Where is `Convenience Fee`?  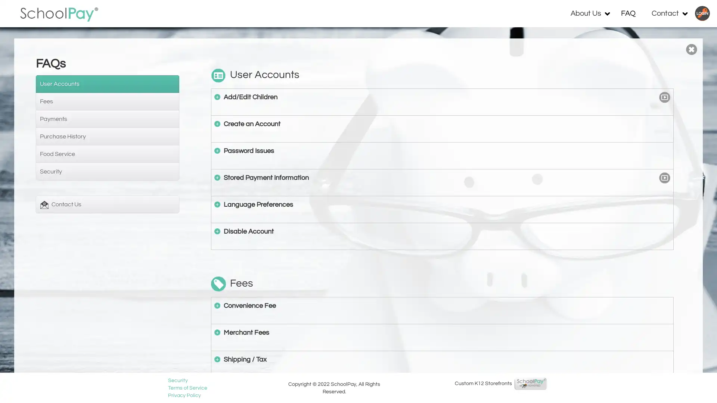 Convenience Fee is located at coordinates (217, 305).